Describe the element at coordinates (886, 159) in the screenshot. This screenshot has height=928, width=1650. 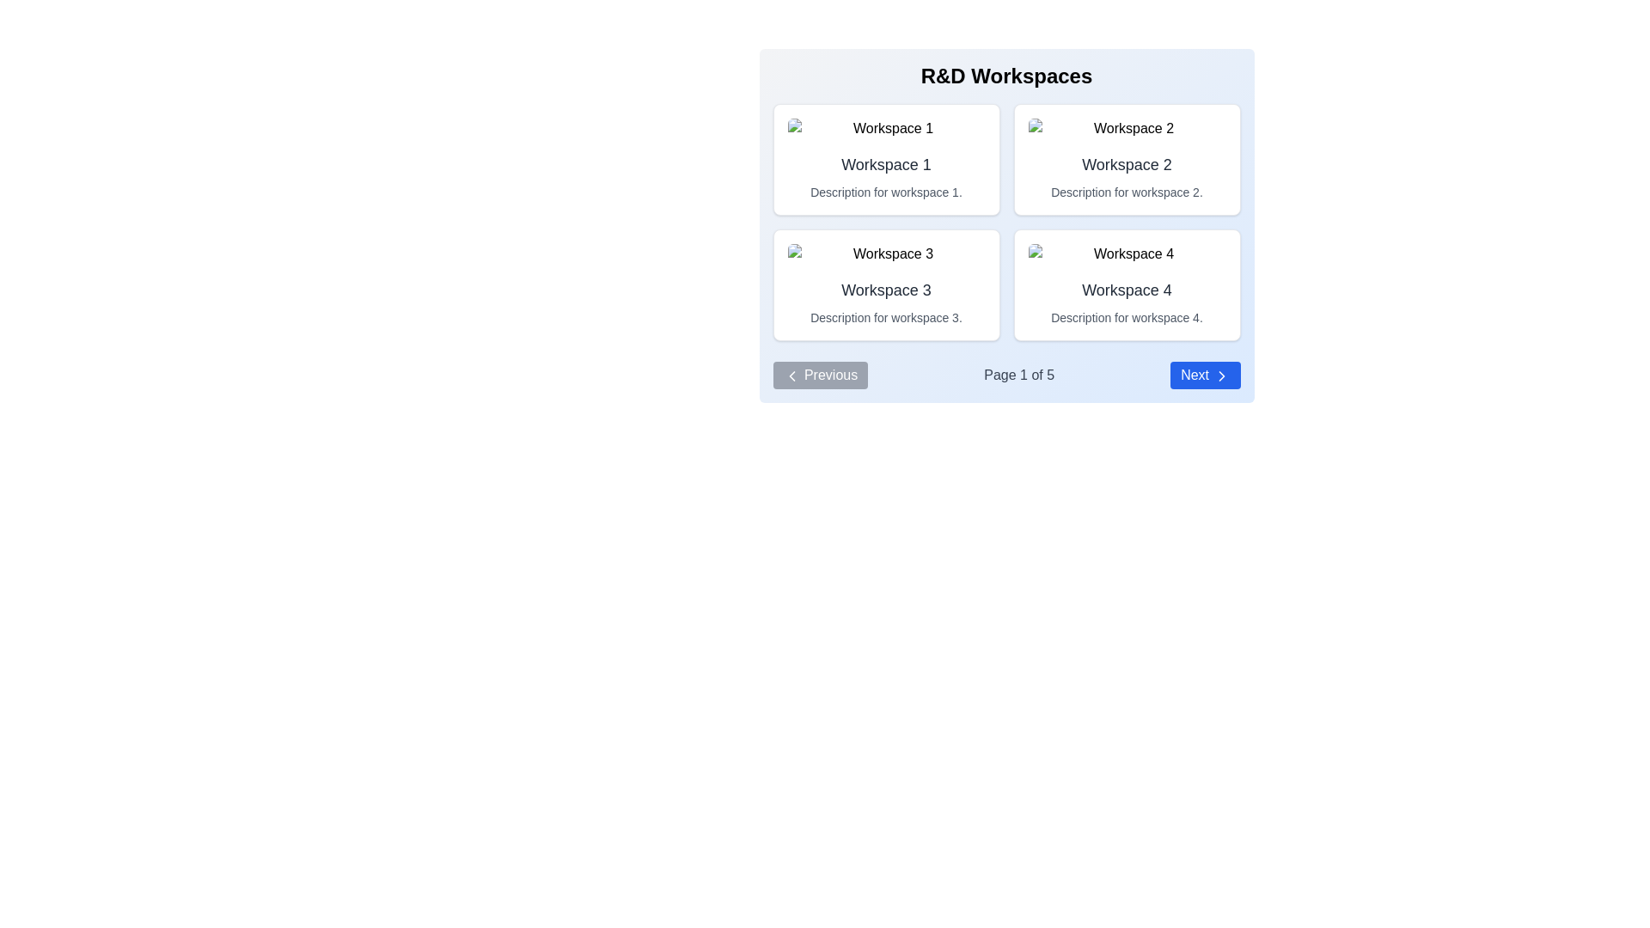
I see `the title or image of the first card in the 2x2 grid layout, located in the top-left corner` at that location.